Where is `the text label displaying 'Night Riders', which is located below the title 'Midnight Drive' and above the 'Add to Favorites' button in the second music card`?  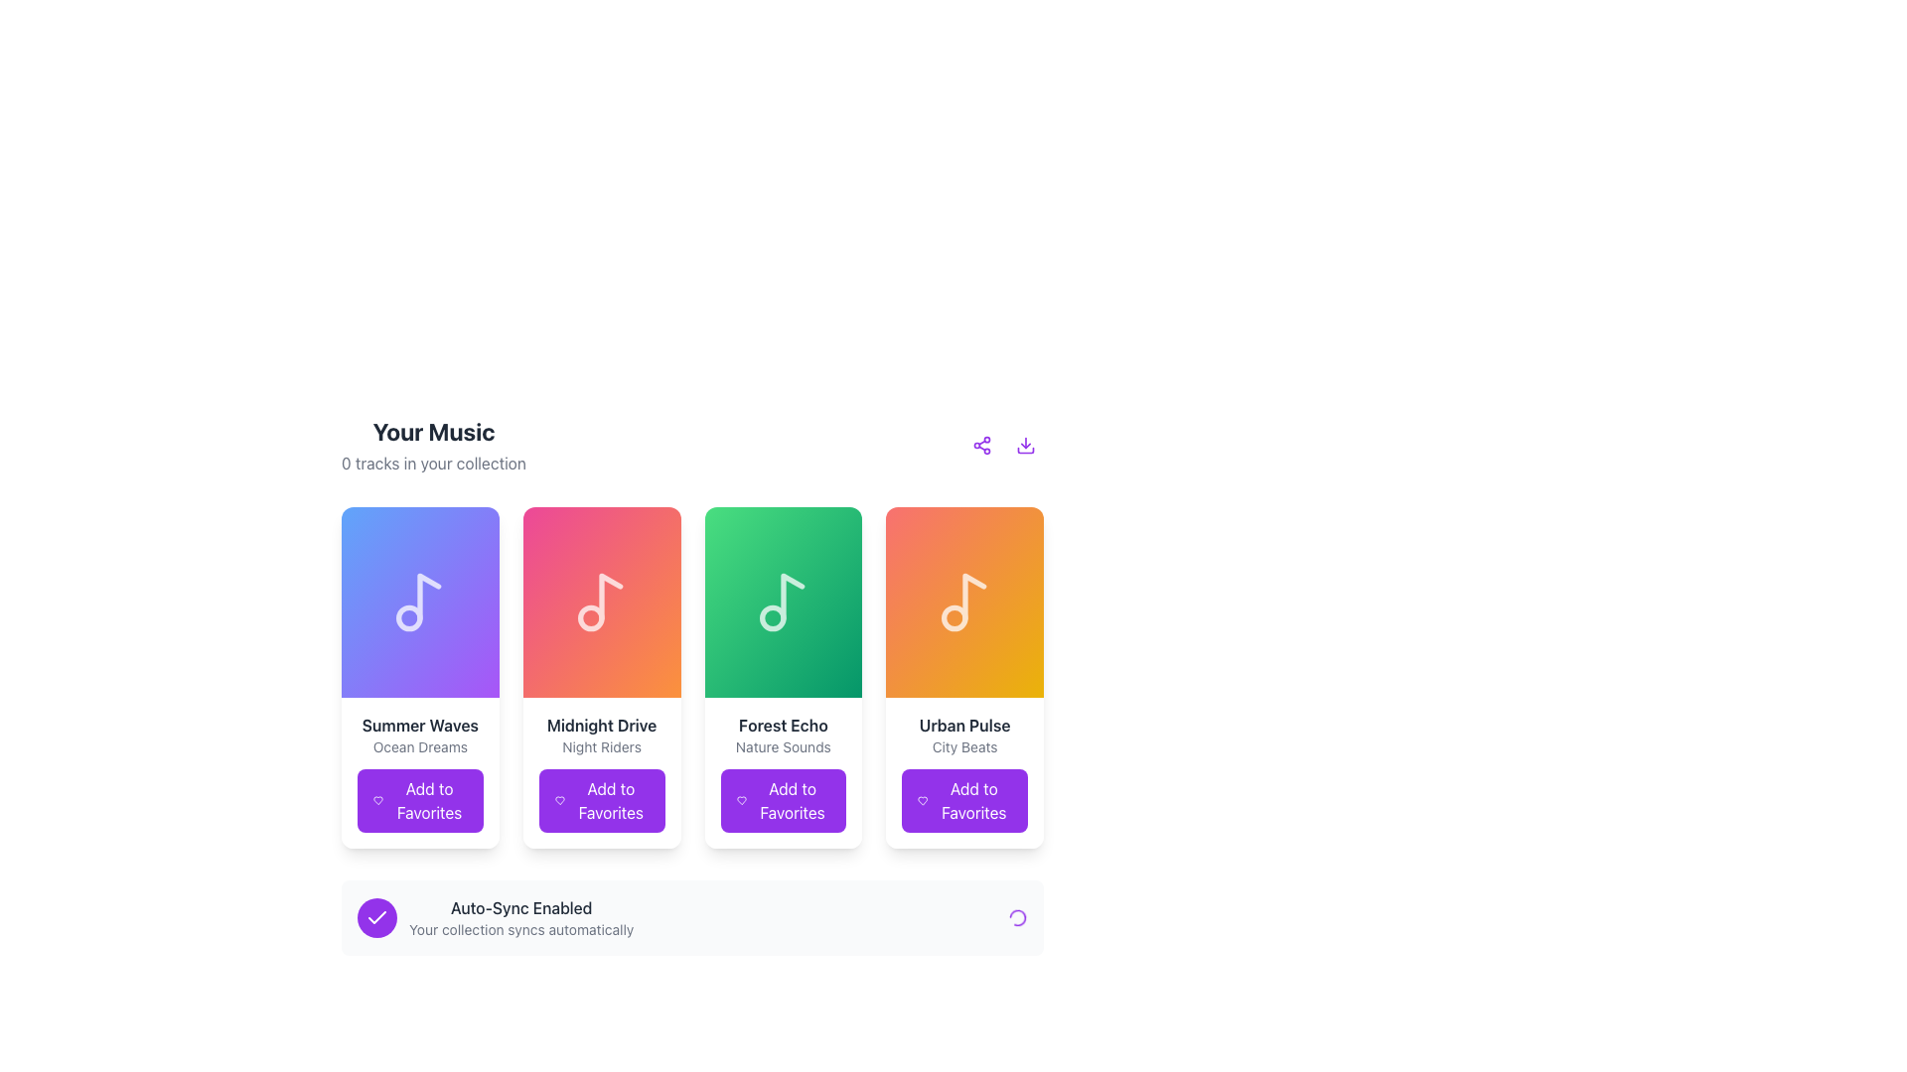 the text label displaying 'Night Riders', which is located below the title 'Midnight Drive' and above the 'Add to Favorites' button in the second music card is located at coordinates (601, 746).